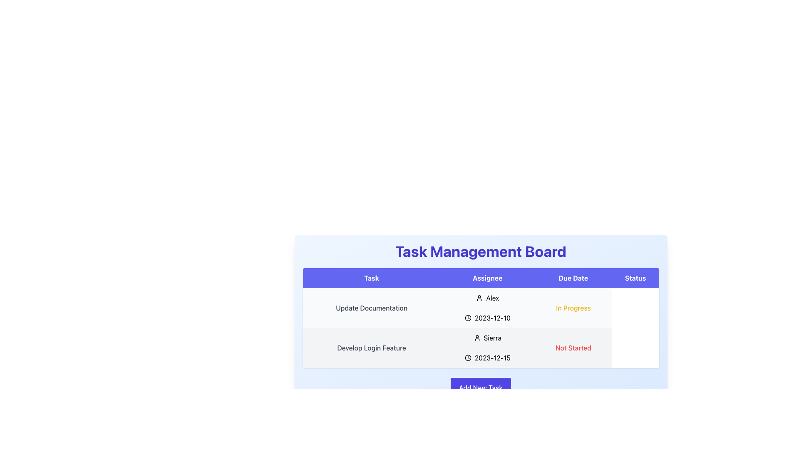  What do you see at coordinates (477, 338) in the screenshot?
I see `the user icon for the task 'Develop Login Feature'` at bounding box center [477, 338].